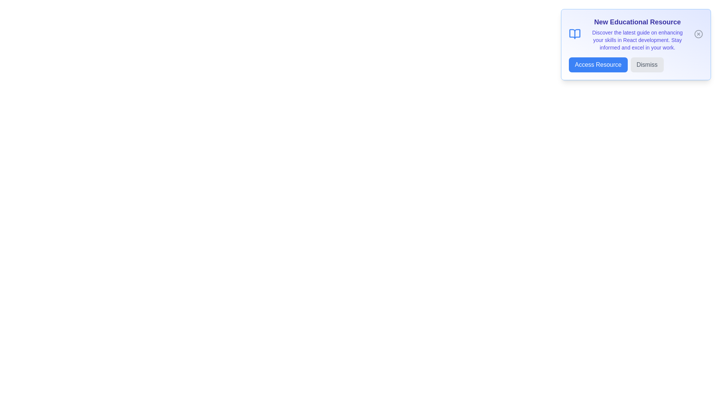  I want to click on the text 'New Educational Resource' to highlight it, so click(637, 21).